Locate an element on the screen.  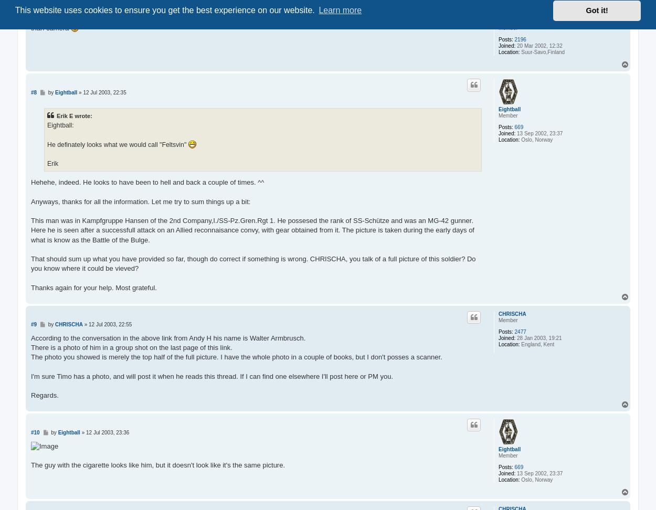
'Learn more' is located at coordinates (340, 10).